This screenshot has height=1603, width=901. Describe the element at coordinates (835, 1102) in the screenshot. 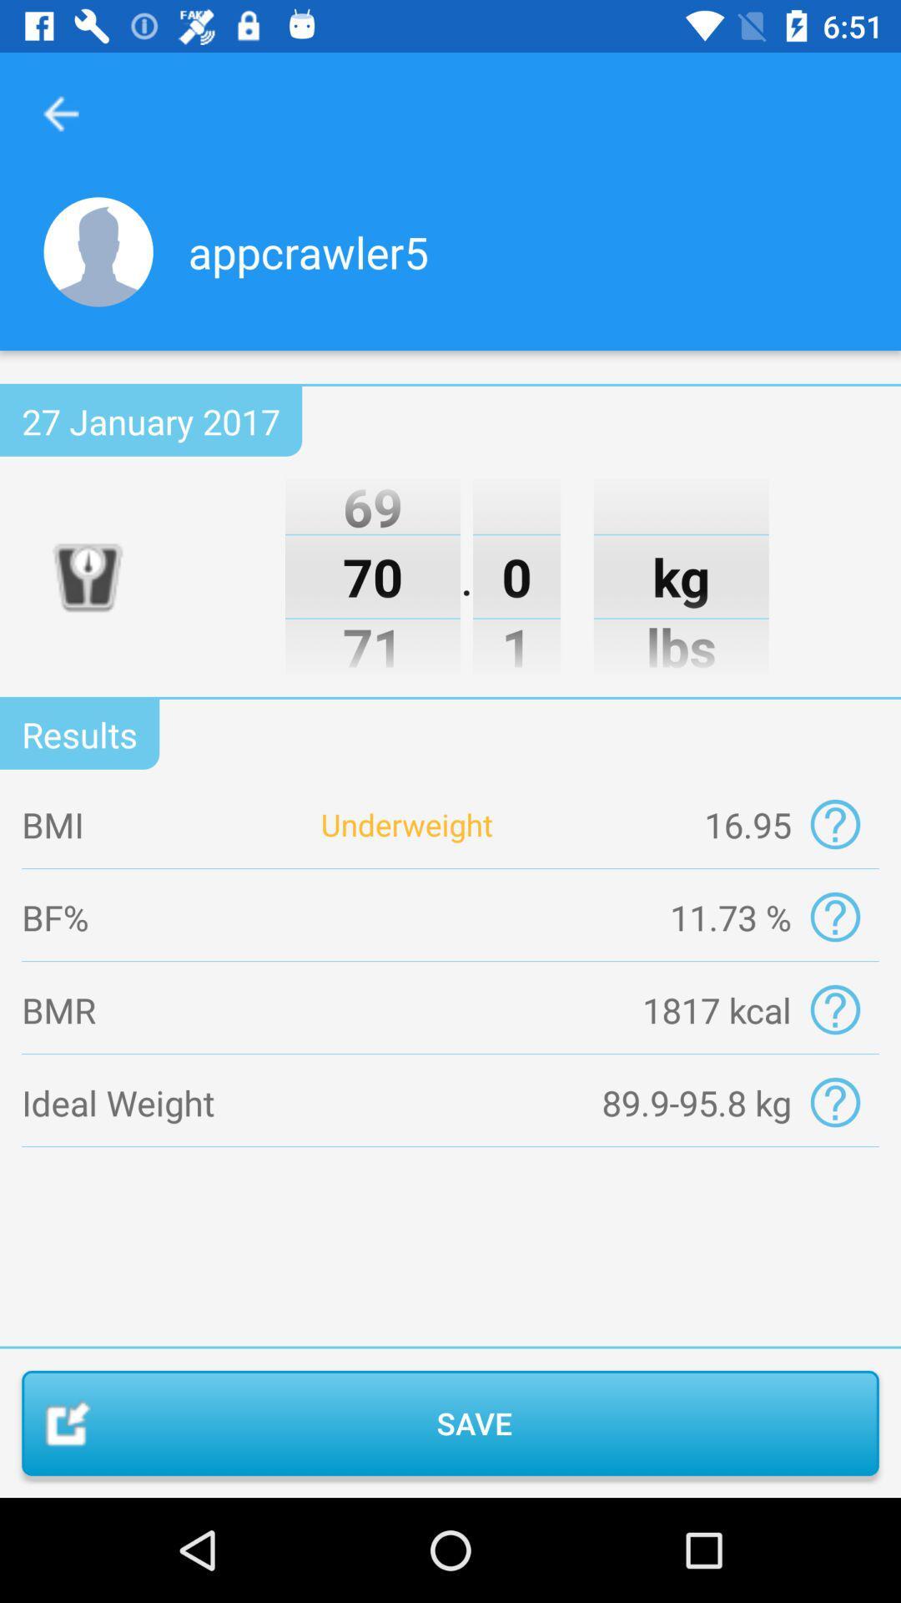

I see `the help icon` at that location.